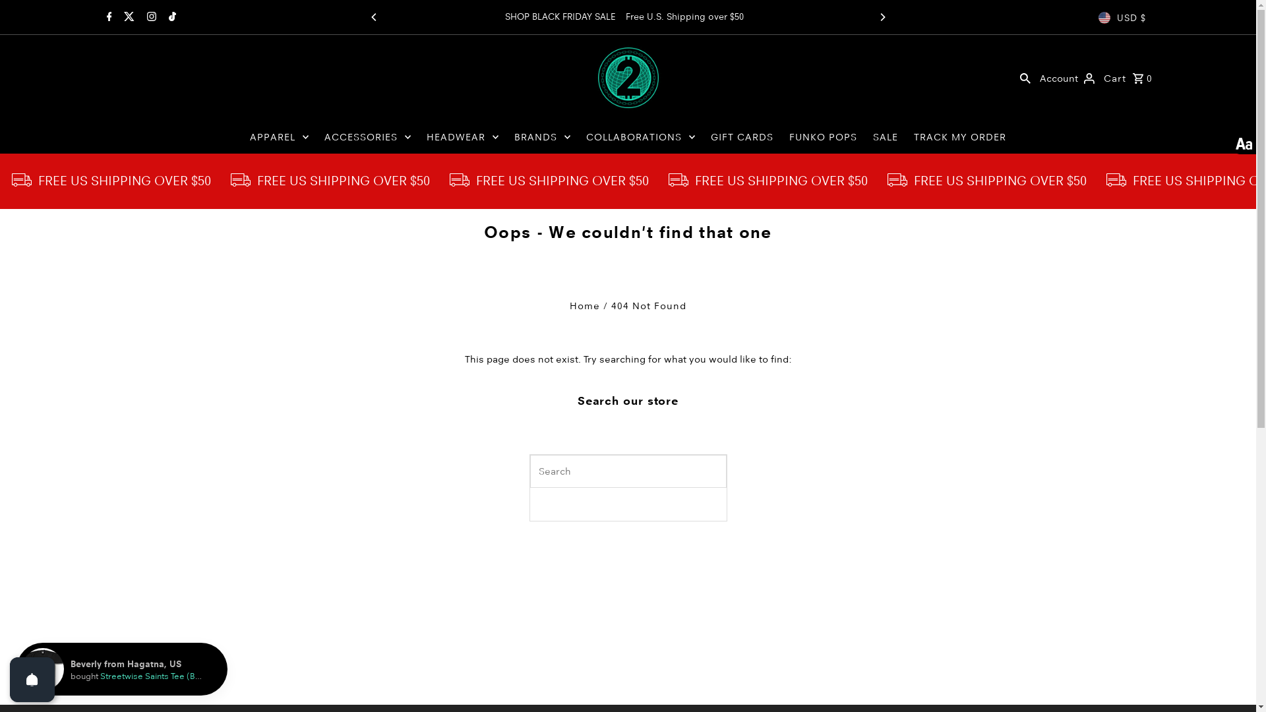 Image resolution: width=1266 pixels, height=712 pixels. I want to click on 'Streetwise Saints Tee (Black)', so click(157, 676).